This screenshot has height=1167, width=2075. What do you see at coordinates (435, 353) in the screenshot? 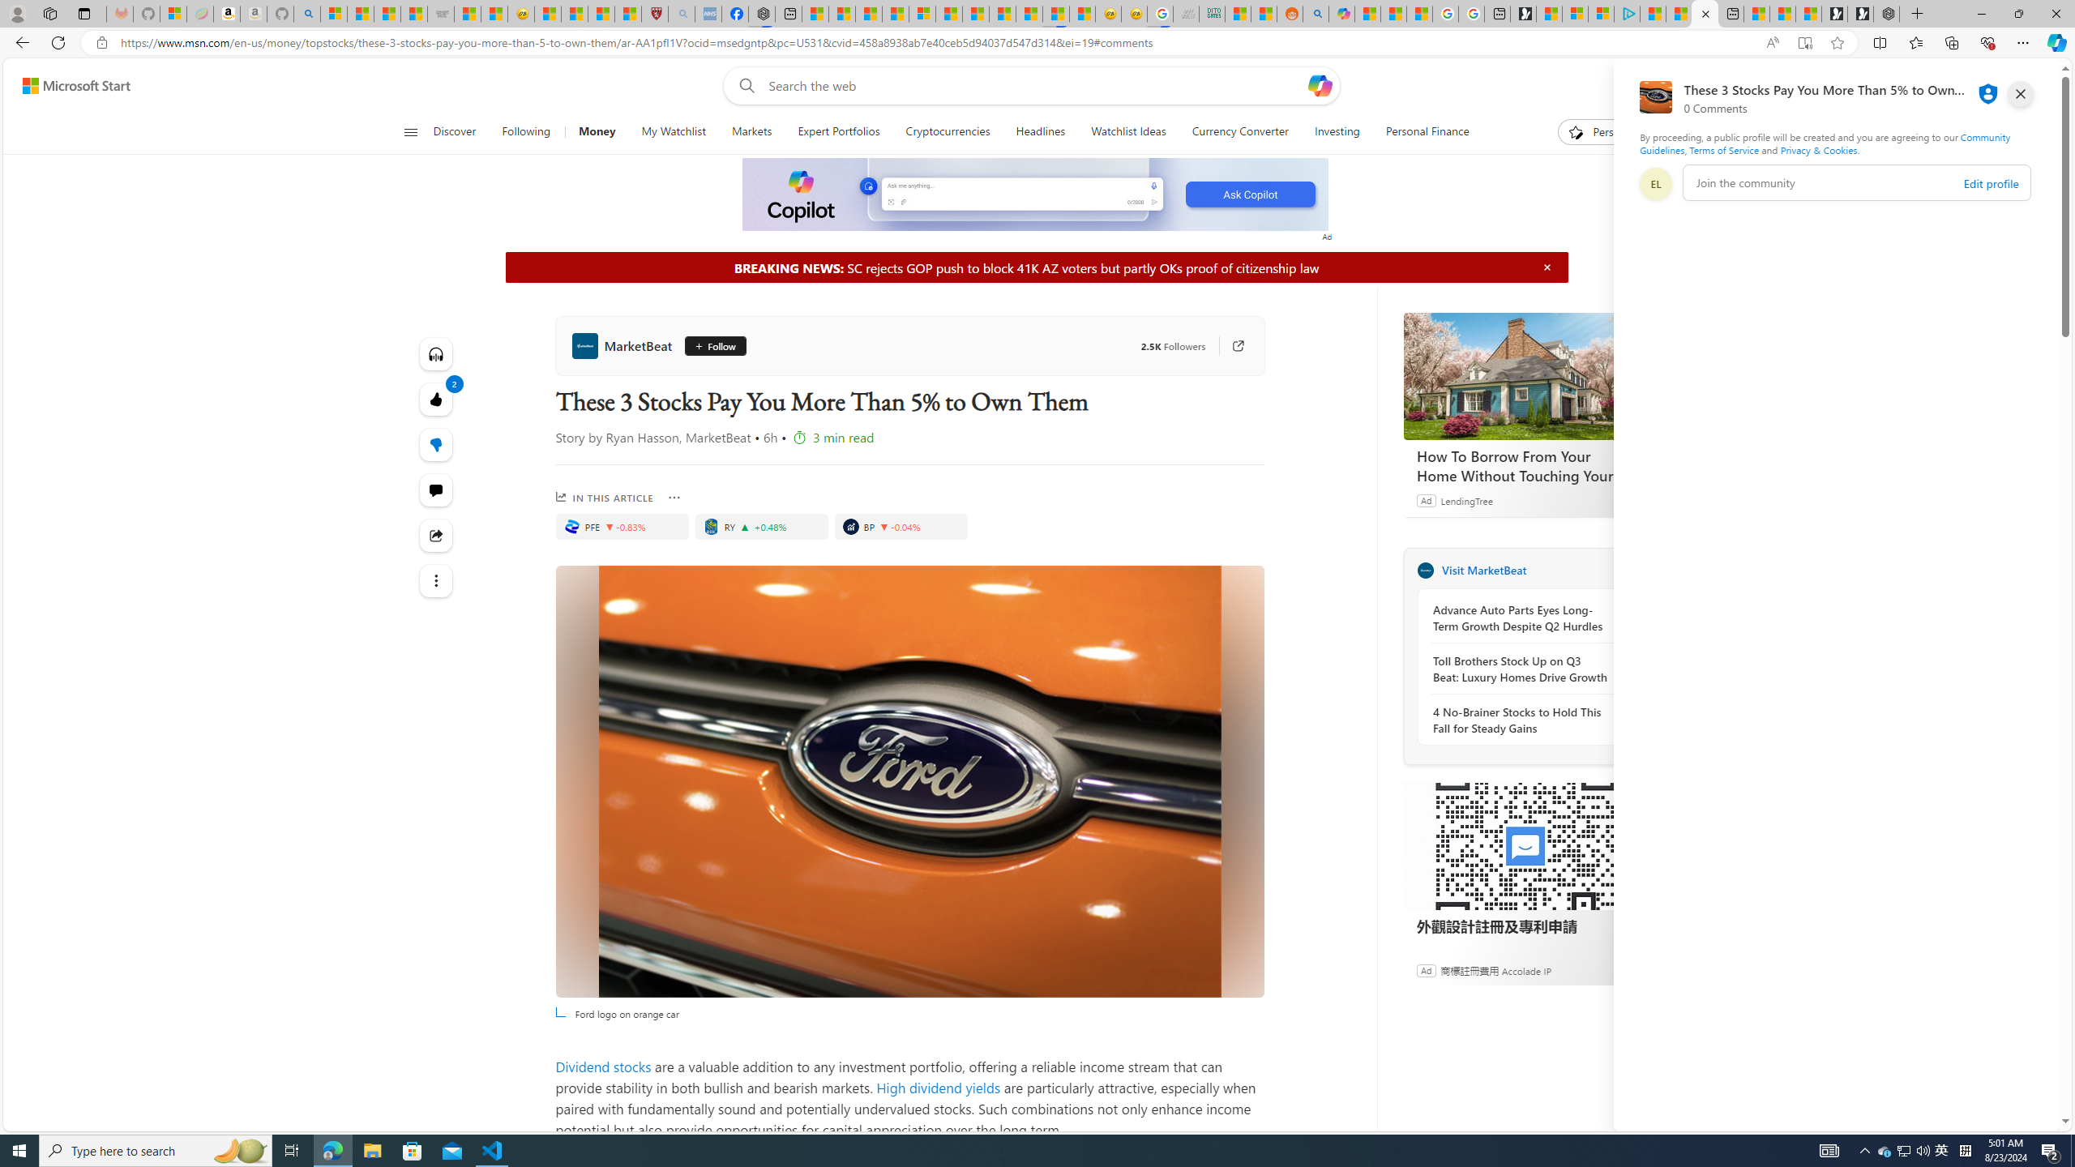
I see `'Listen to this article'` at bounding box center [435, 353].